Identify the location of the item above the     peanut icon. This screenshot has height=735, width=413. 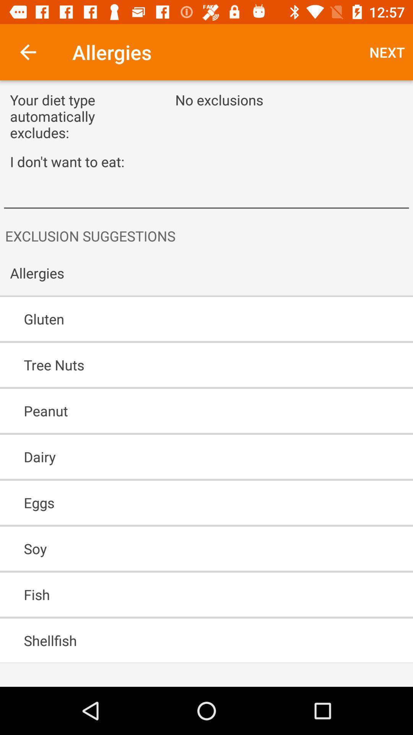
(184, 364).